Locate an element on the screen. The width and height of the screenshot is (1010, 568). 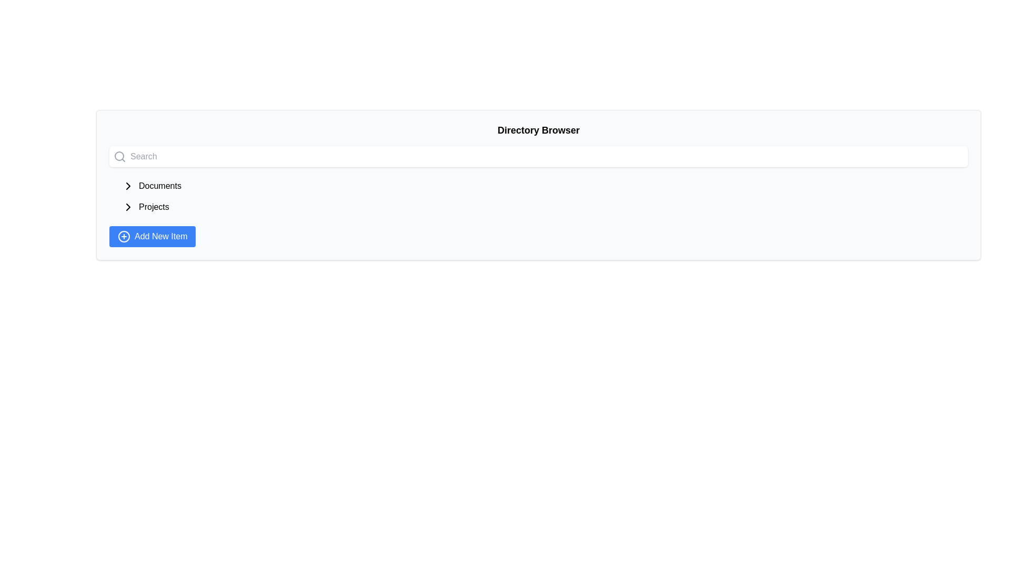
the decorative SVG circle element that indicates the presence of a search functionality, located in the top-left corner of the main content area within the search bar area is located at coordinates (119, 156).